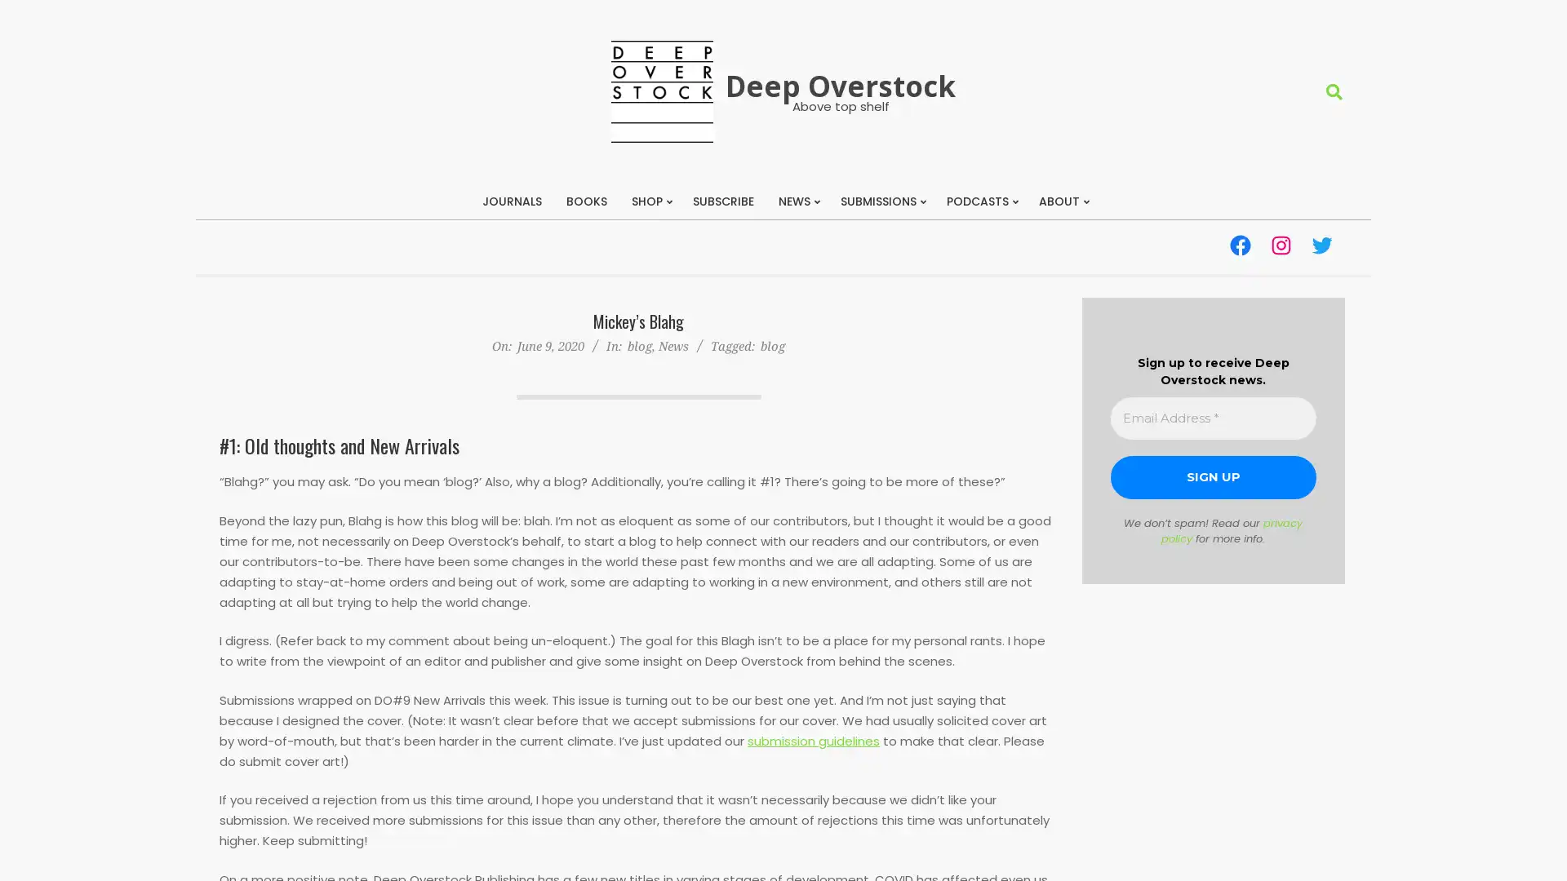  Describe the element at coordinates (1213, 477) in the screenshot. I see `Sign up` at that location.